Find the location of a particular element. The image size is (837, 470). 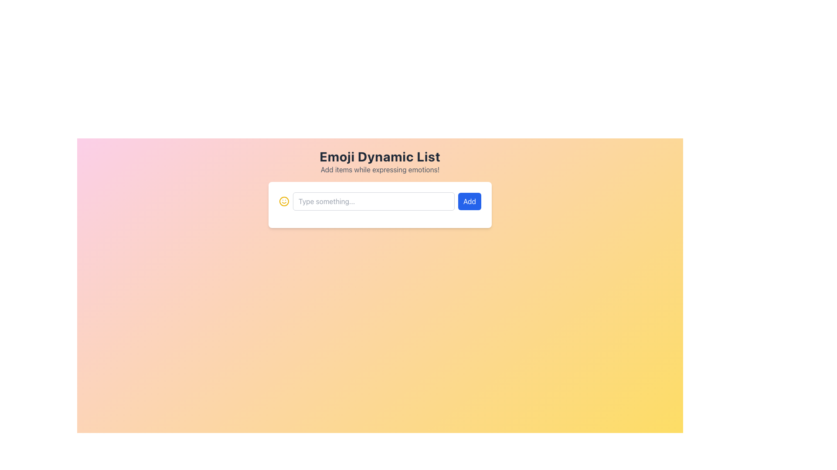

the button that serves as a trigger for adding items, which is the last element in a horizontal group including an emoji icon and a text input box is located at coordinates (469, 201).